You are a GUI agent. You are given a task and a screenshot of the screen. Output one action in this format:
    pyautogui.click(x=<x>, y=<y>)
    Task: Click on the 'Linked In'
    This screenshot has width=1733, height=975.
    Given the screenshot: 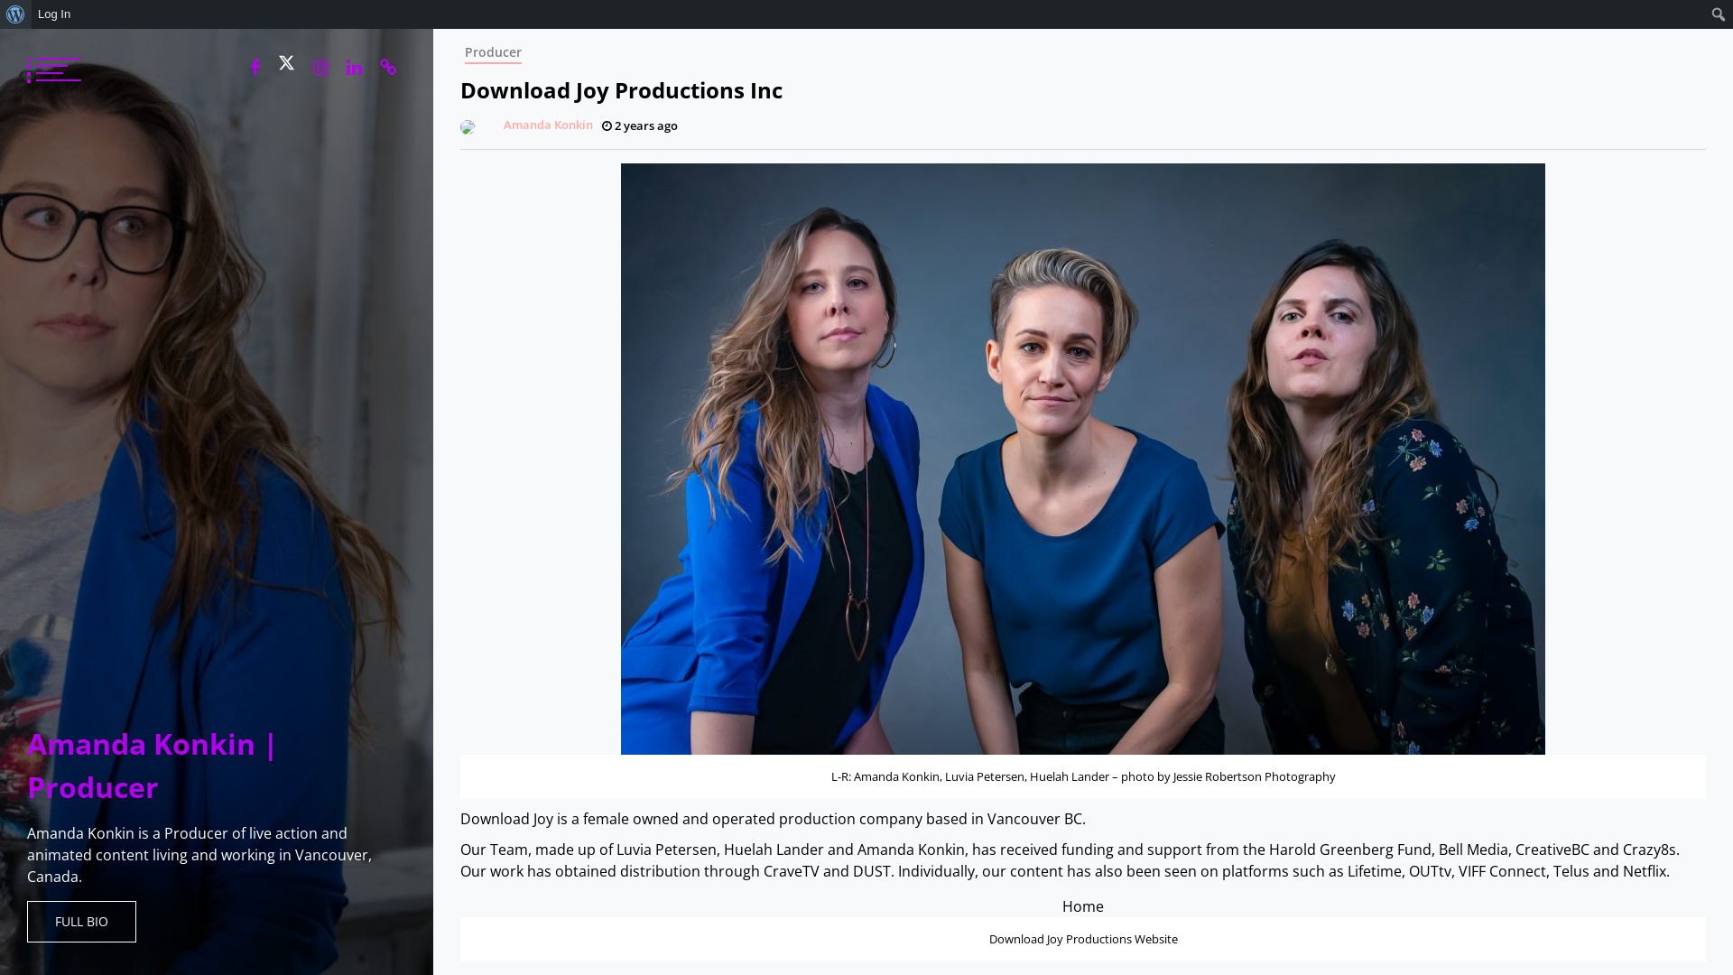 What is the action you would take?
    pyautogui.click(x=354, y=66)
    